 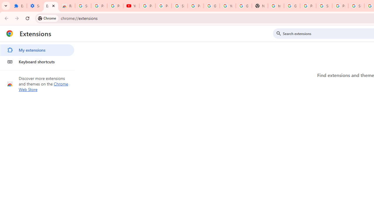 What do you see at coordinates (131, 6) in the screenshot?
I see `'YouTube'` at bounding box center [131, 6].